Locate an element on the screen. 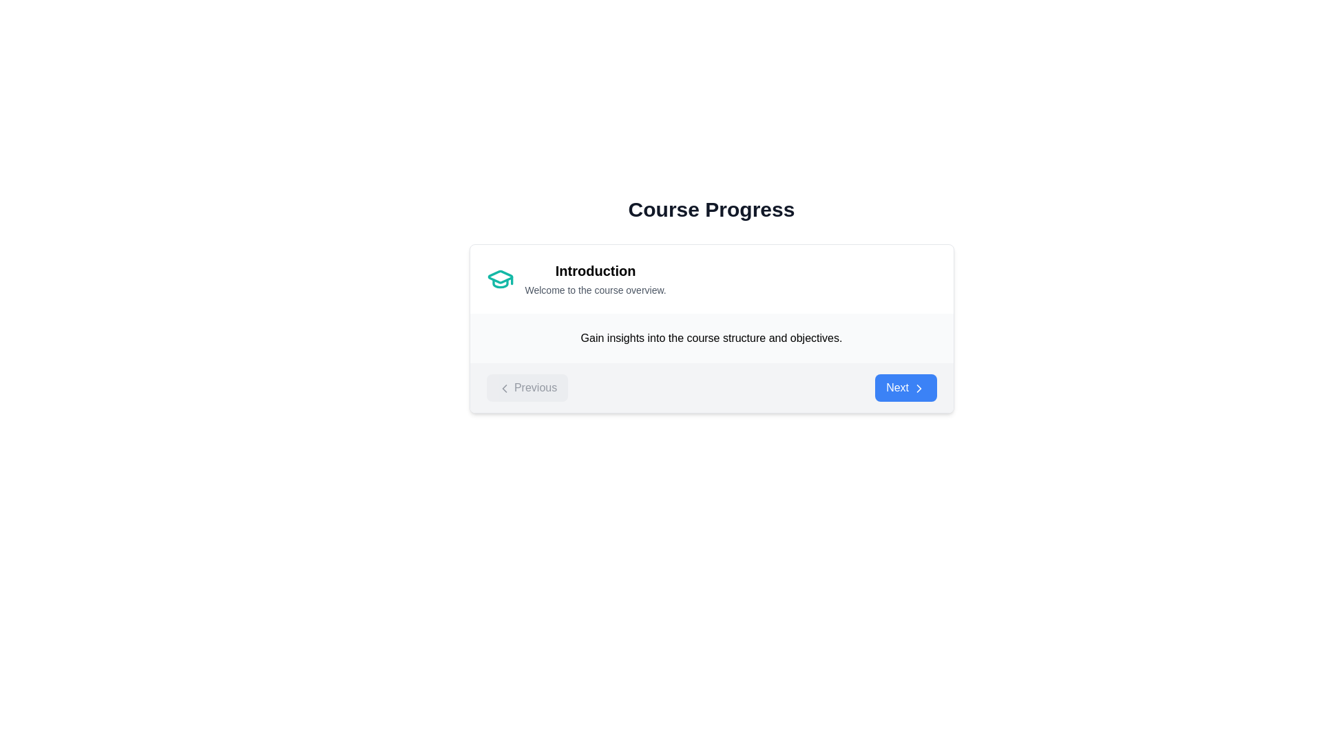 The height and width of the screenshot is (743, 1322). the text block that introduces a course section, located to the right of a graduation cap icon and above a paragraph in the card layout is located at coordinates (596, 279).